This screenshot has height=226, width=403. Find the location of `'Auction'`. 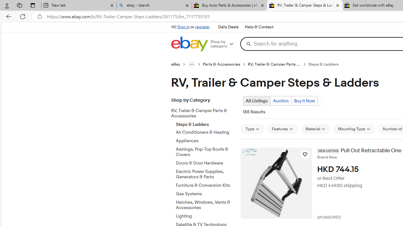

'Auction' is located at coordinates (281, 100).